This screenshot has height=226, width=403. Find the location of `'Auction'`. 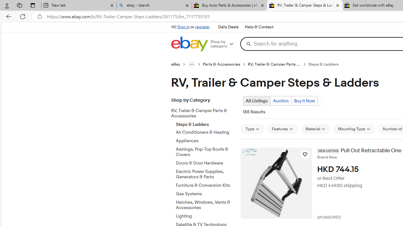

'Auction' is located at coordinates (281, 100).